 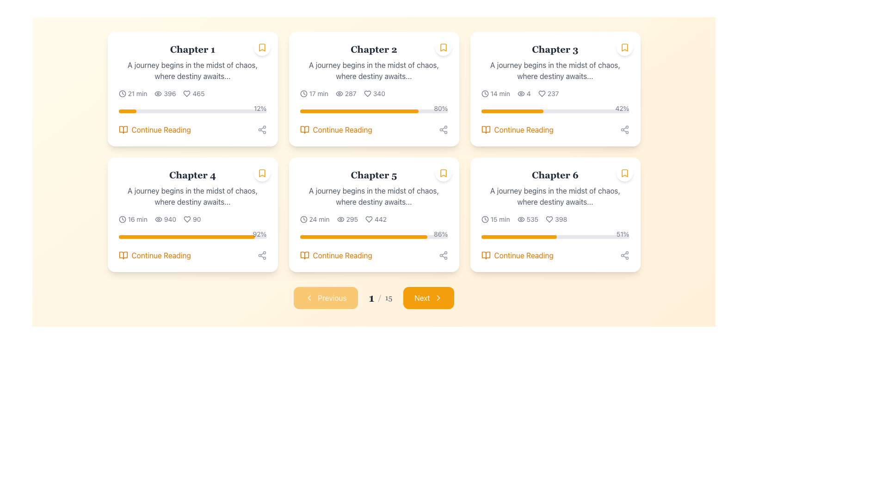 I want to click on the text label serving as a title for the second card, so click(x=374, y=49).